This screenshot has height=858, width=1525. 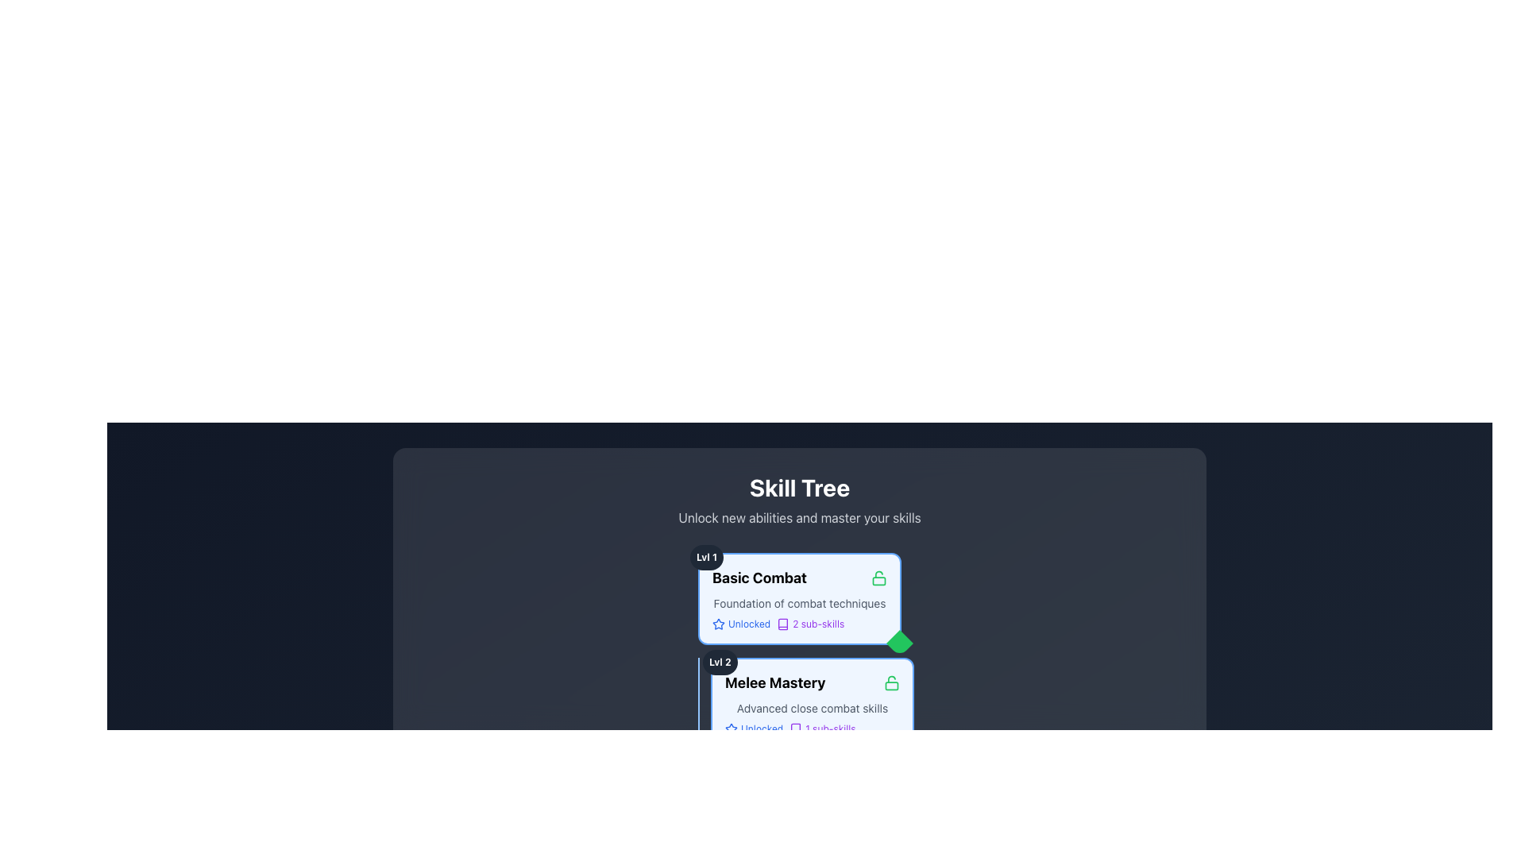 I want to click on the star icon, so click(x=730, y=729).